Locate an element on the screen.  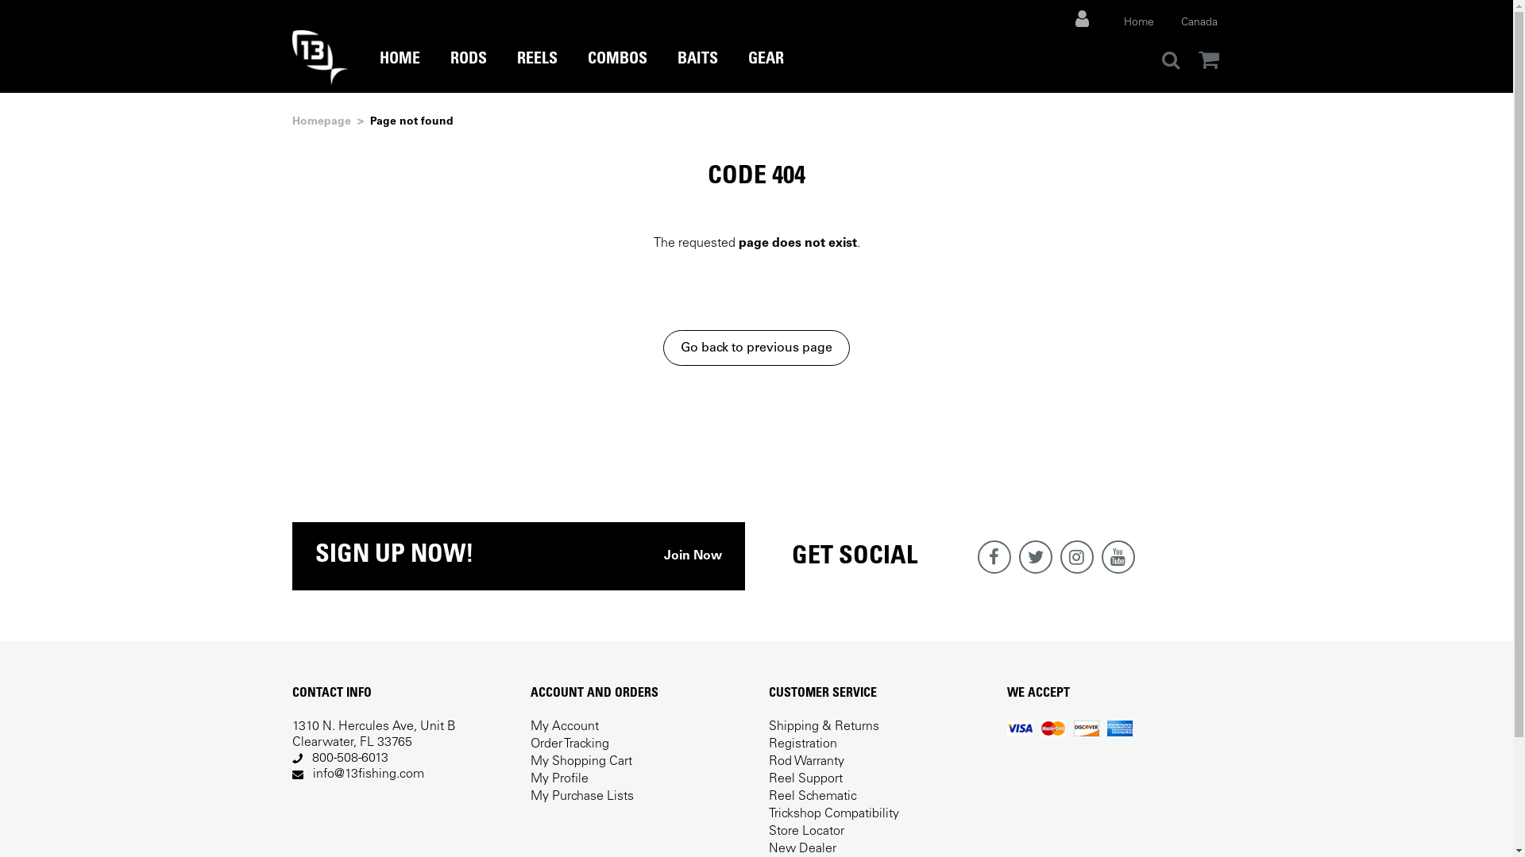
'HOME' is located at coordinates (379, 71).